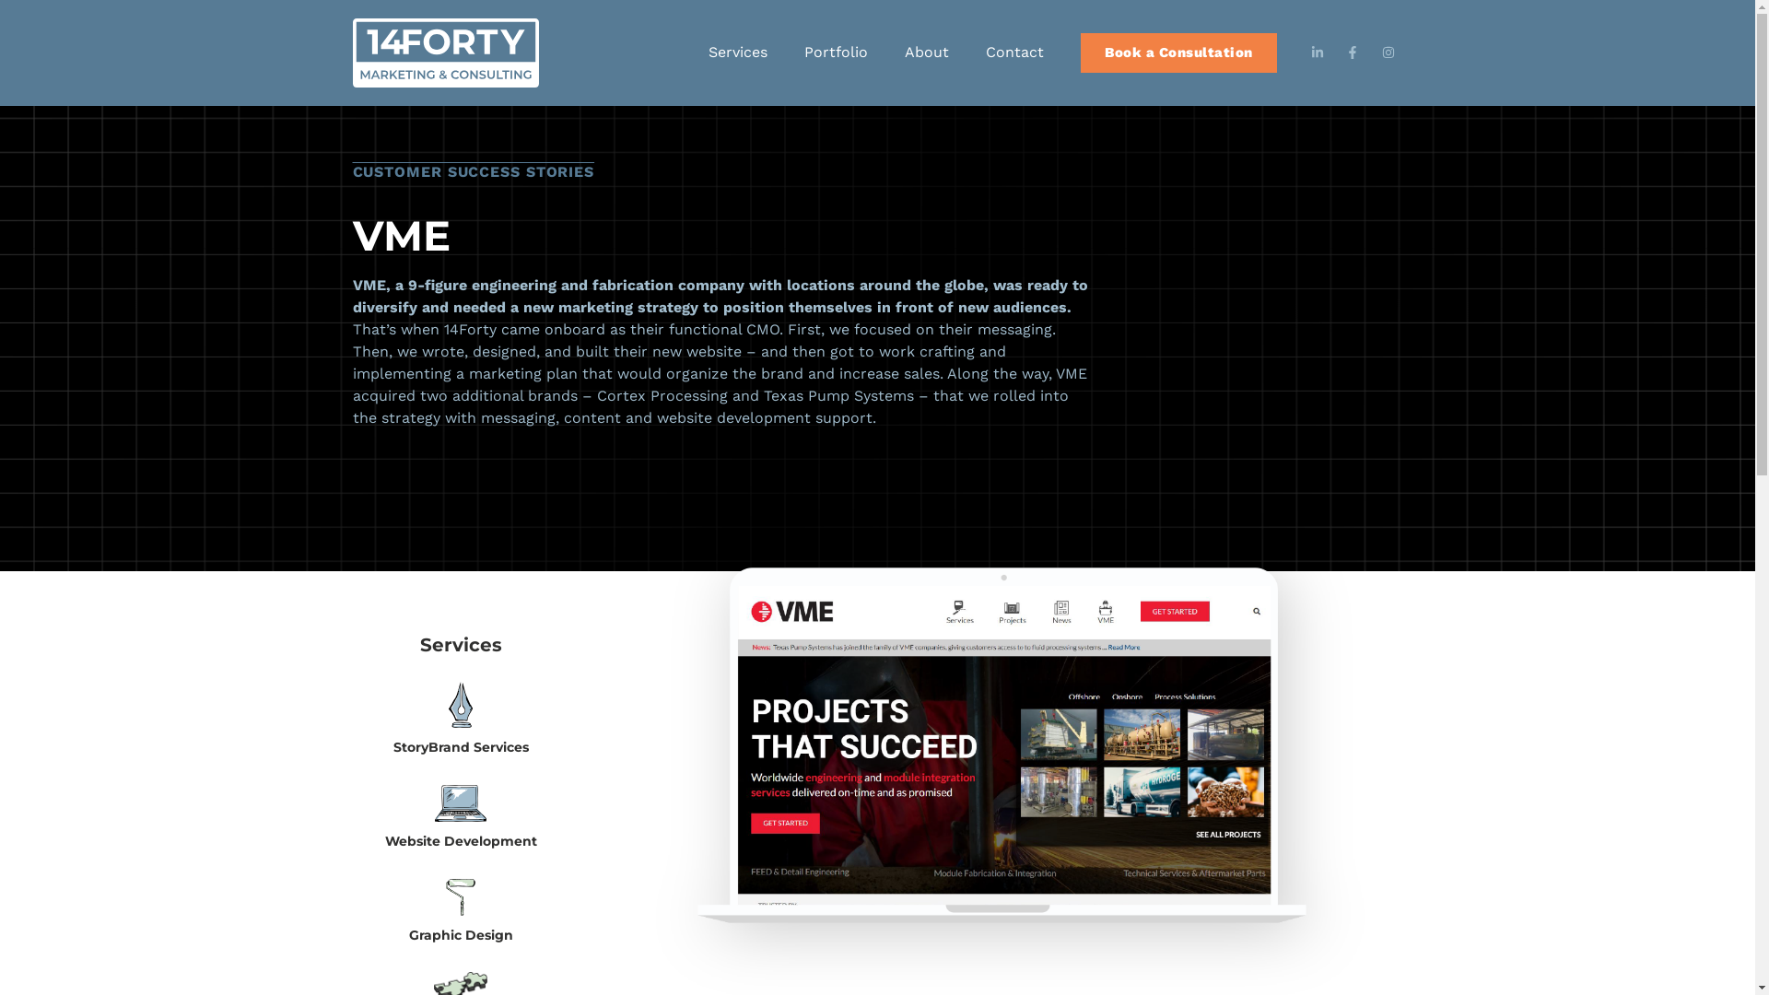 The height and width of the screenshot is (995, 1769). I want to click on 'Portfolio', so click(835, 52).